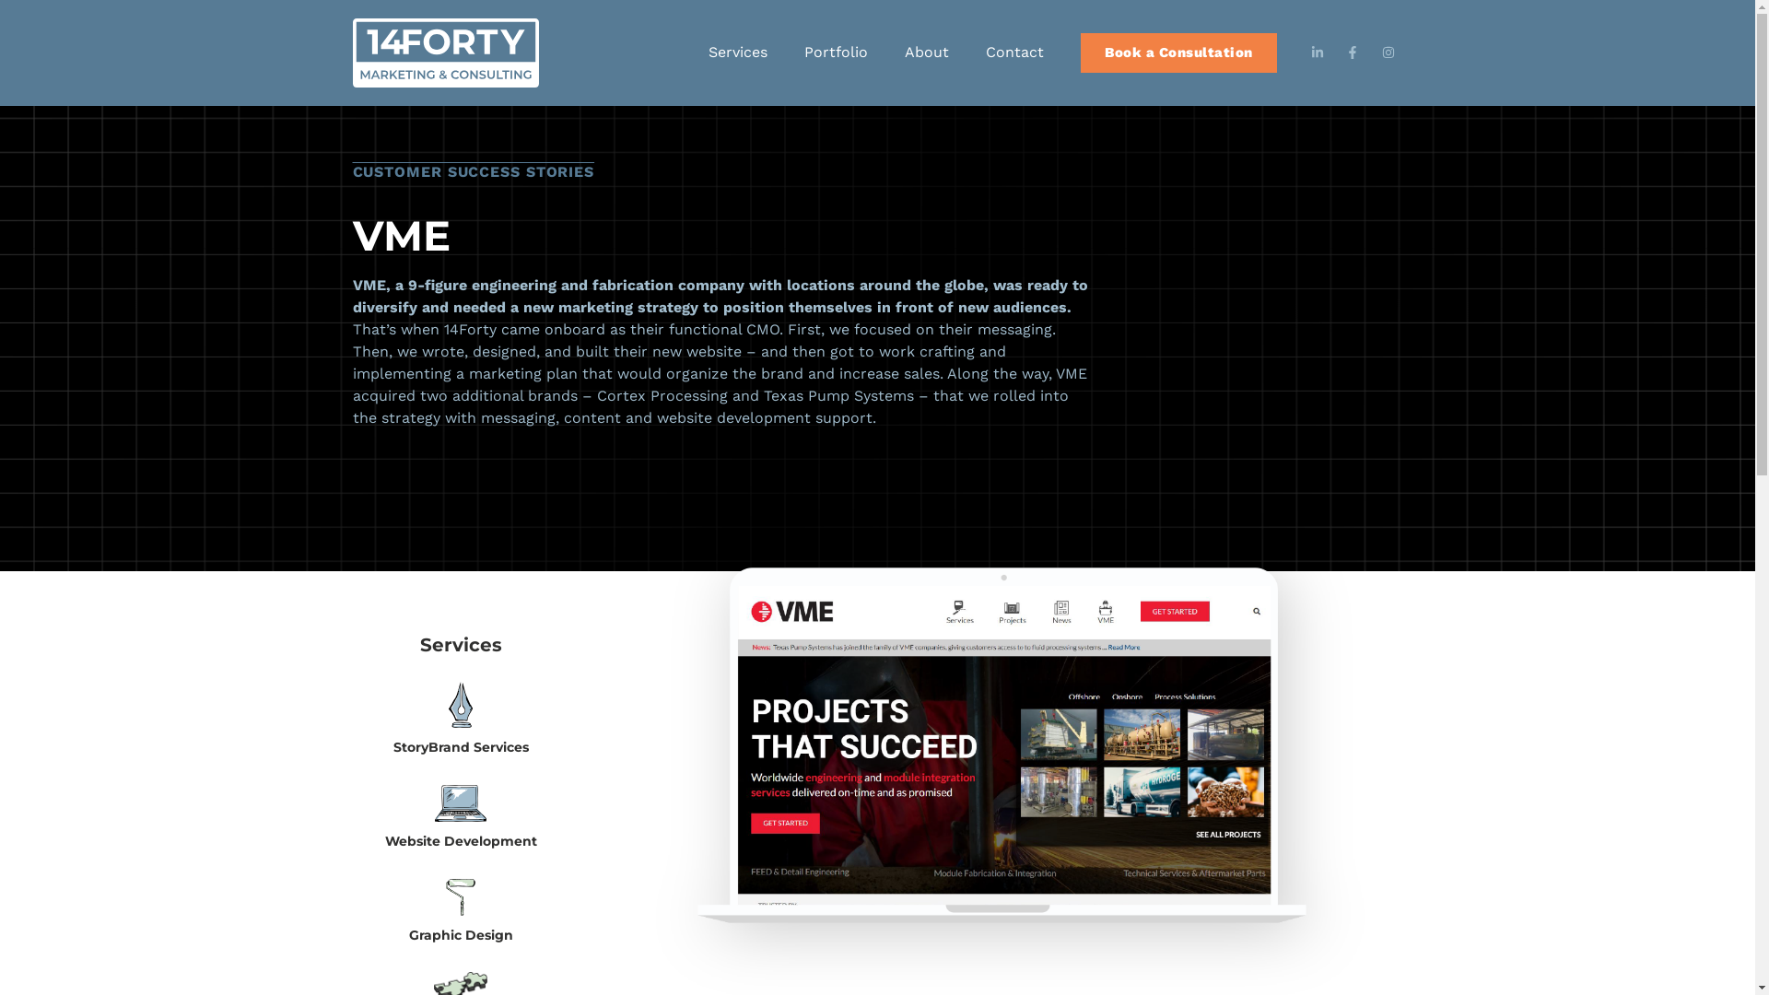 The height and width of the screenshot is (995, 1769). I want to click on 'Portfolio', so click(835, 52).